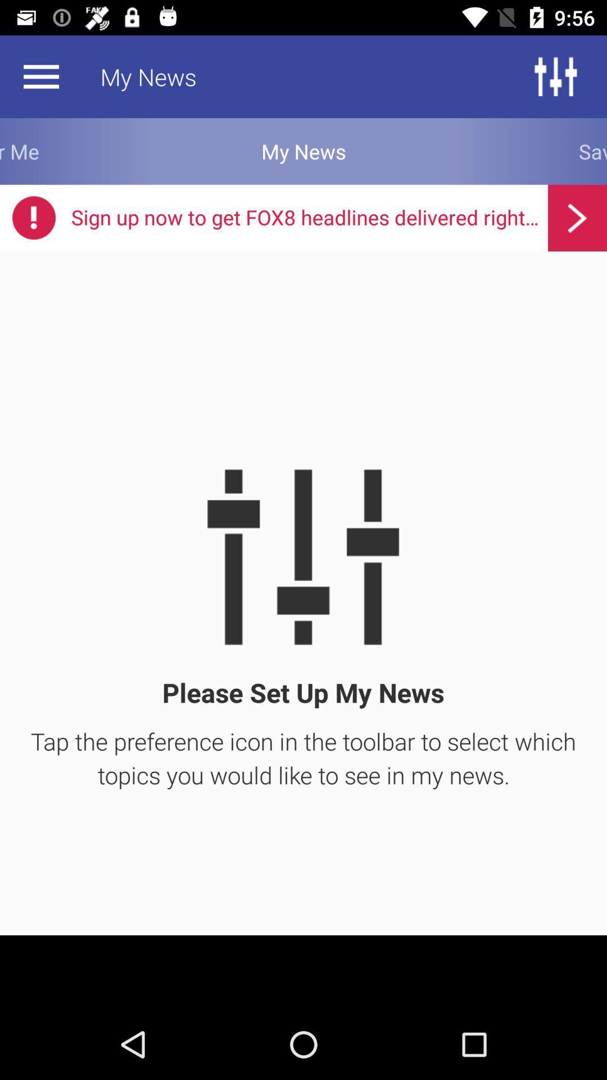 Image resolution: width=607 pixels, height=1080 pixels. What do you see at coordinates (40, 76) in the screenshot?
I see `the menu icon` at bounding box center [40, 76].